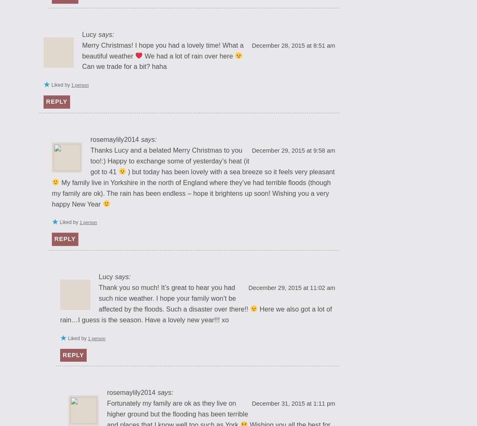 This screenshot has height=426, width=477. Describe the element at coordinates (189, 56) in the screenshot. I see `'We had a lot of rain over here'` at that location.